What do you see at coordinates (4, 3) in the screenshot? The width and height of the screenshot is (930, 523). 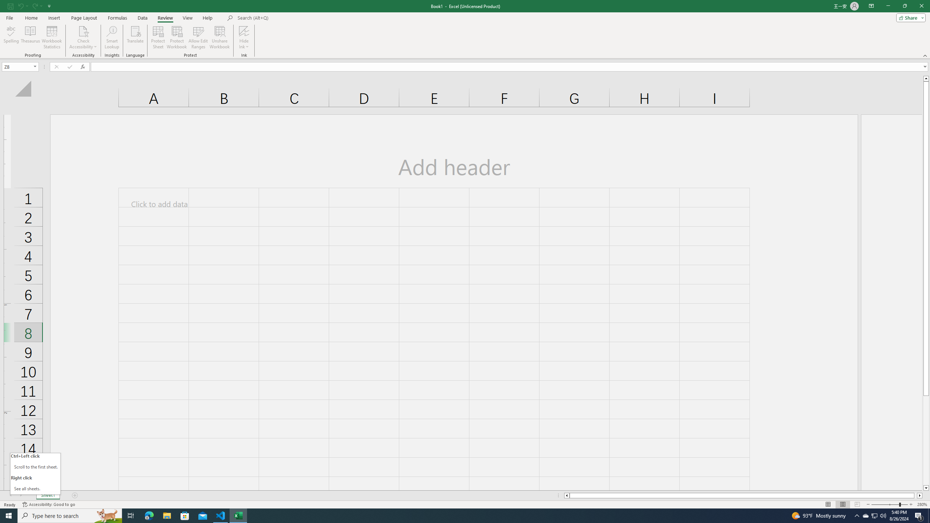 I see `'System'` at bounding box center [4, 3].